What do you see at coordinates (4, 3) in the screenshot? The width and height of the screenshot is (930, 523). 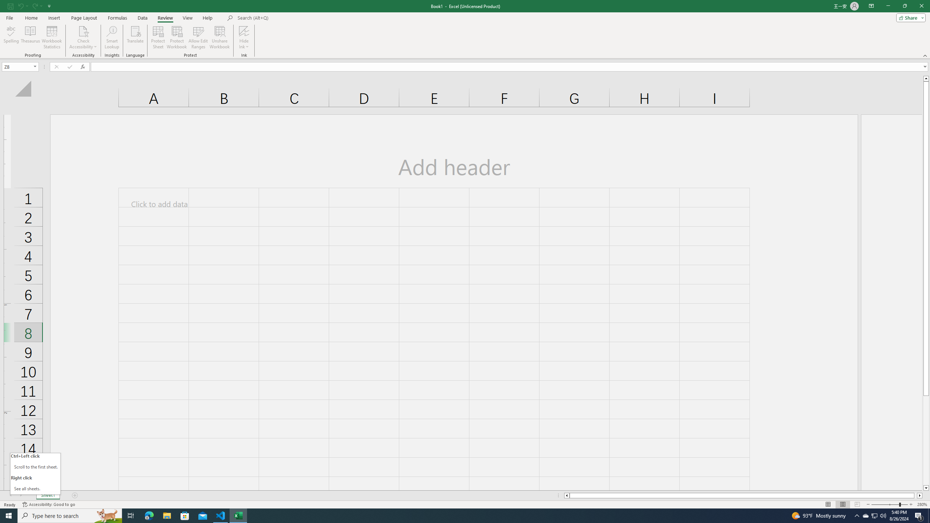 I see `'System'` at bounding box center [4, 3].